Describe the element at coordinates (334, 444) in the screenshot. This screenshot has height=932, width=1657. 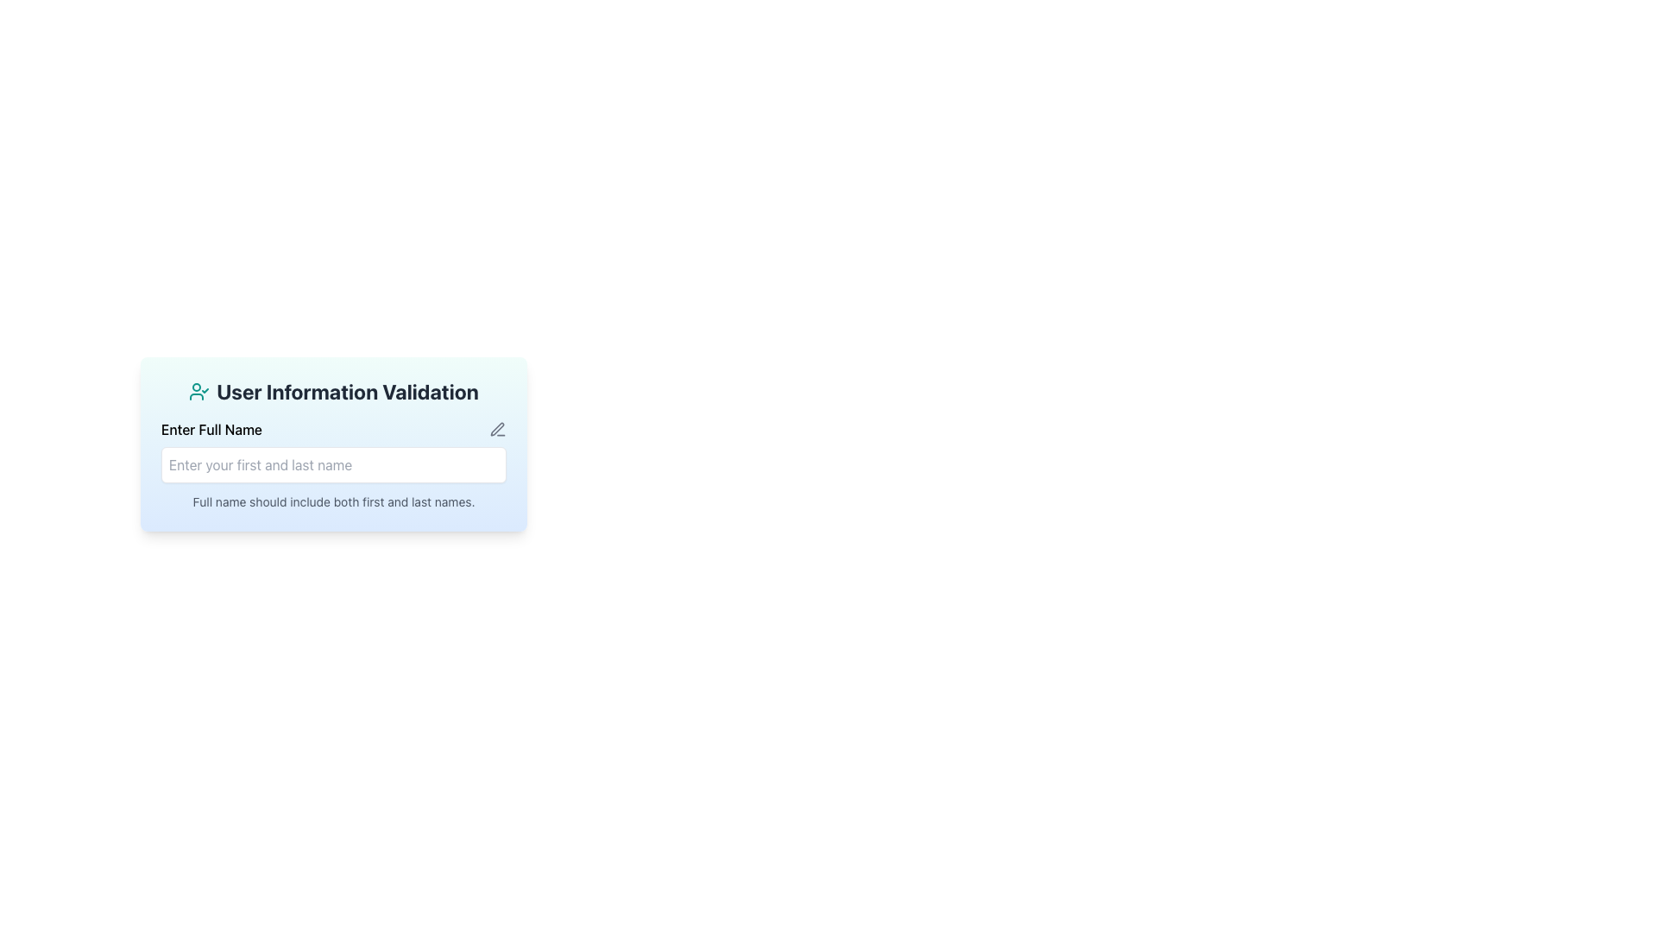
I see `the input field of the Composite UI component that prompts users for their full name` at that location.